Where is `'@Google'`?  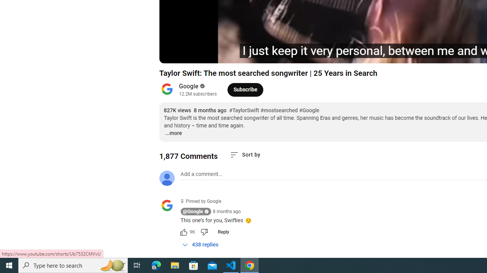
'@Google' is located at coordinates (193, 212).